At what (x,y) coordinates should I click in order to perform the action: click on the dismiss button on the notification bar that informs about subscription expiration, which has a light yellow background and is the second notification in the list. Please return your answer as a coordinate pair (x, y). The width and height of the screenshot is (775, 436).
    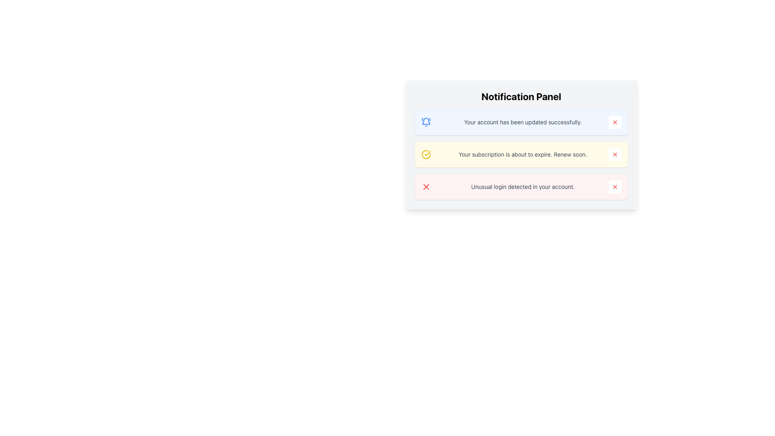
    Looking at the image, I should click on (521, 154).